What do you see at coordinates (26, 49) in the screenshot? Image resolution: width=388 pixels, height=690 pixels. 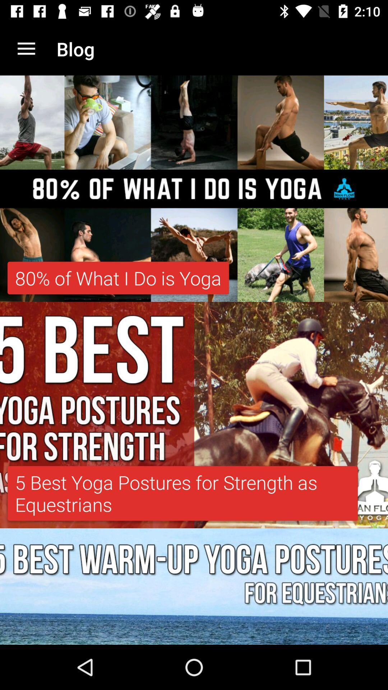 I see `app next to the blog item` at bounding box center [26, 49].